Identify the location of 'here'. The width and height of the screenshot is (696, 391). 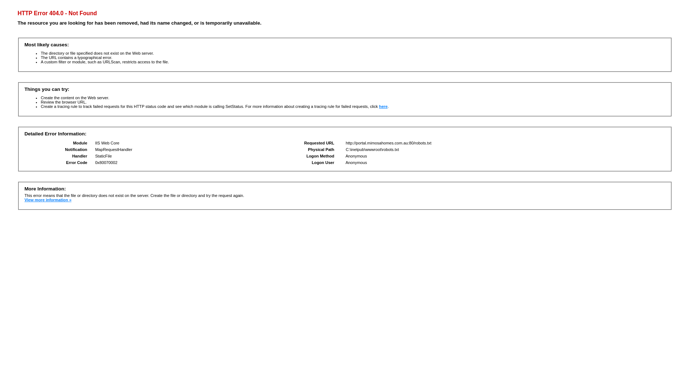
(383, 106).